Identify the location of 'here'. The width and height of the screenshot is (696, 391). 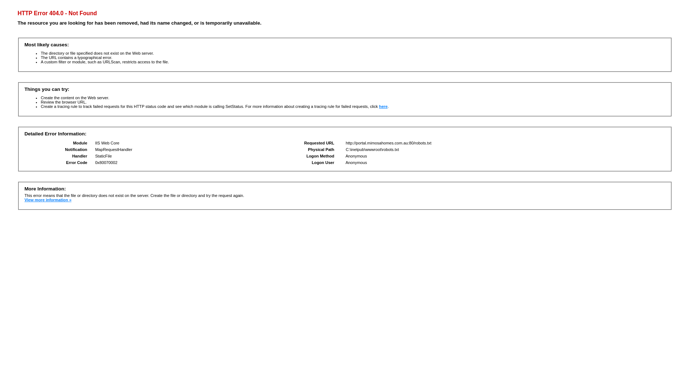
(383, 106).